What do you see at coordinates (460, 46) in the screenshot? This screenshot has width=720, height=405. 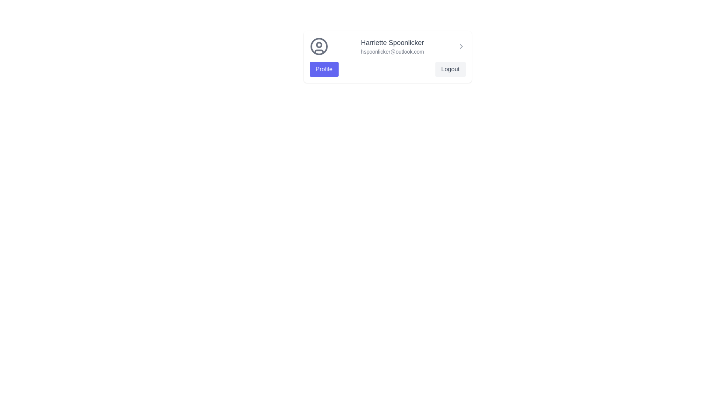 I see `the chevron icon located to the right of 'Harriette Spoonlicker'` at bounding box center [460, 46].